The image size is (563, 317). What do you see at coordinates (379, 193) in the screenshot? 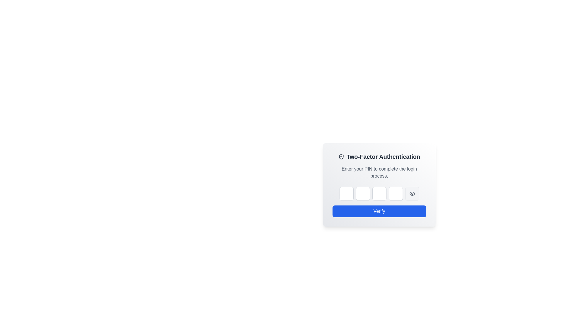
I see `the Password input field, which is the third input field in a group of five, styled with a rounded border and gray background, located at the center of the two-factor authentication panel` at bounding box center [379, 193].